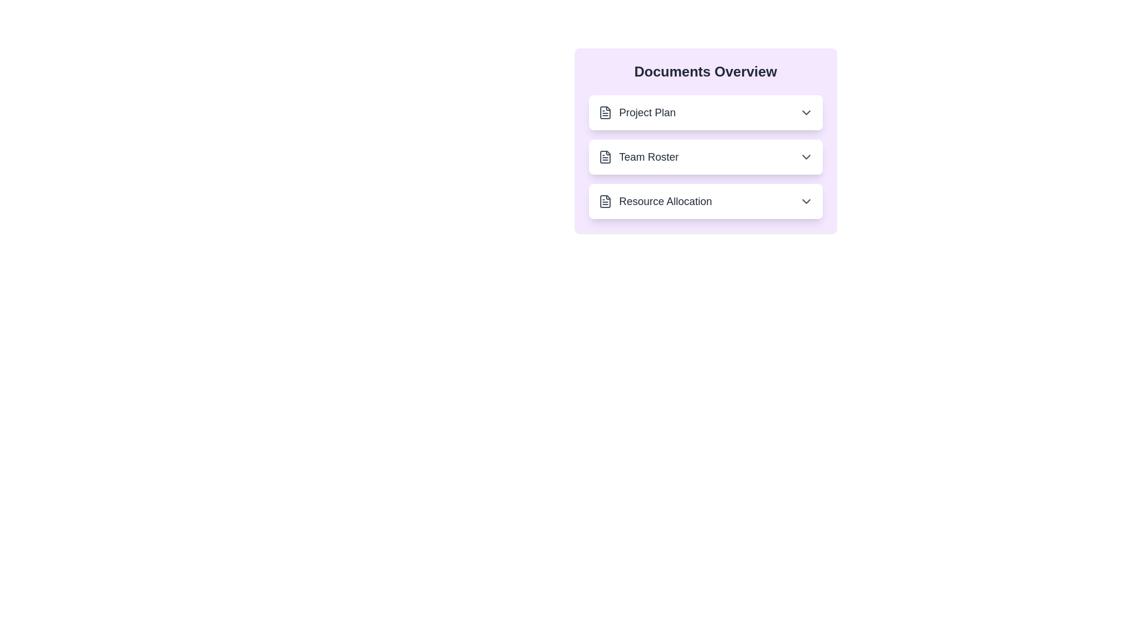  Describe the element at coordinates (805, 200) in the screenshot. I see `the expand/collapse button for the document named Resource Allocation` at that location.